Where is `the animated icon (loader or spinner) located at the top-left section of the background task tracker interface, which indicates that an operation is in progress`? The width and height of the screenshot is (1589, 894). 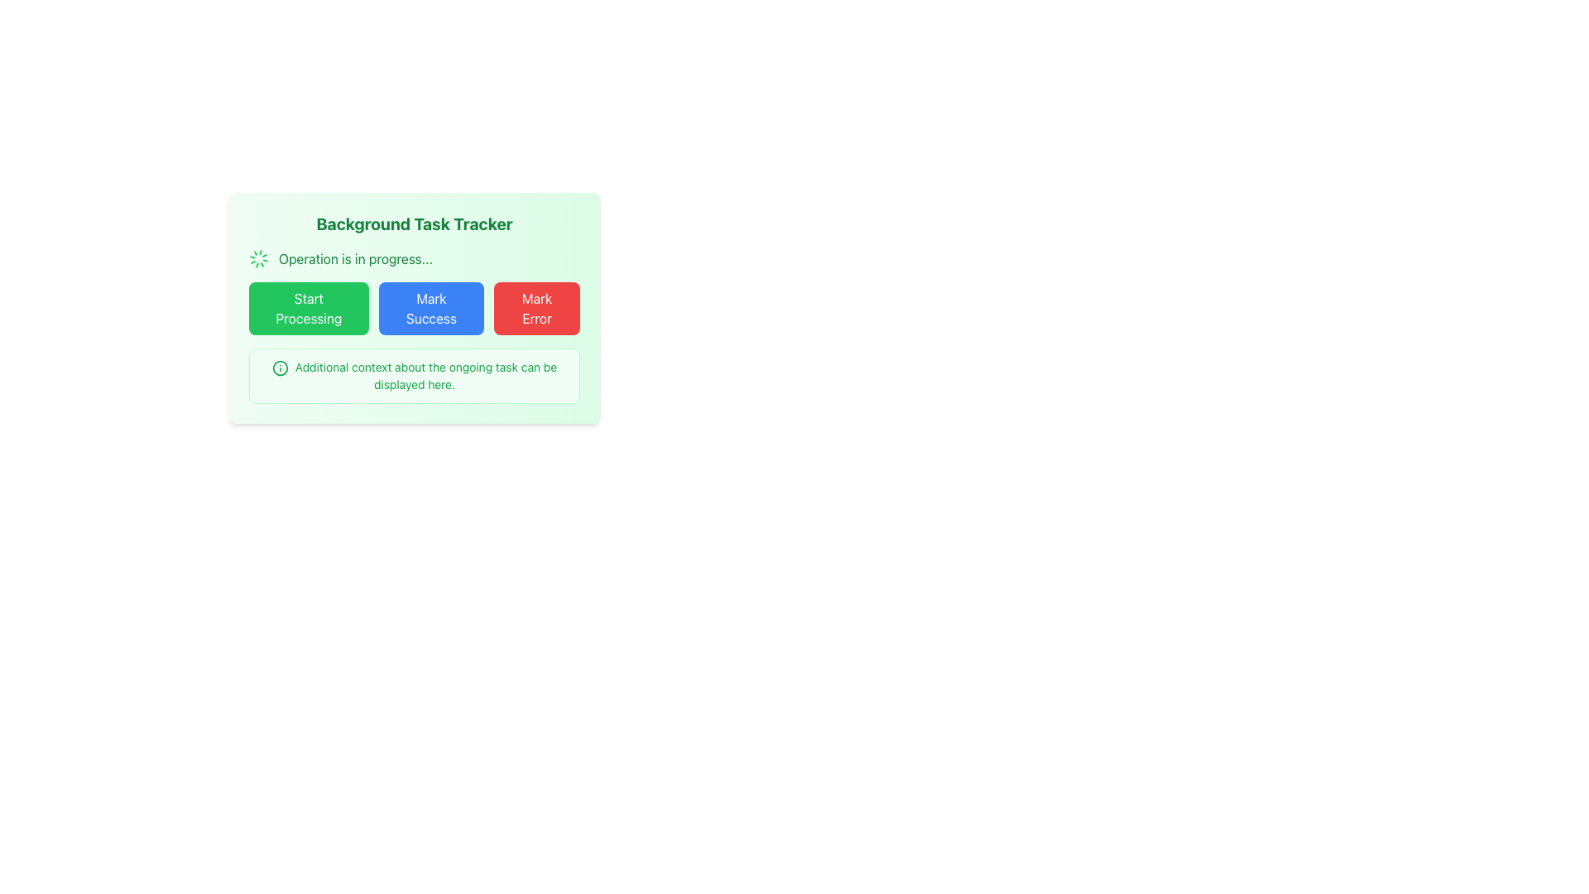
the animated icon (loader or spinner) located at the top-left section of the background task tracker interface, which indicates that an operation is in progress is located at coordinates (257, 258).